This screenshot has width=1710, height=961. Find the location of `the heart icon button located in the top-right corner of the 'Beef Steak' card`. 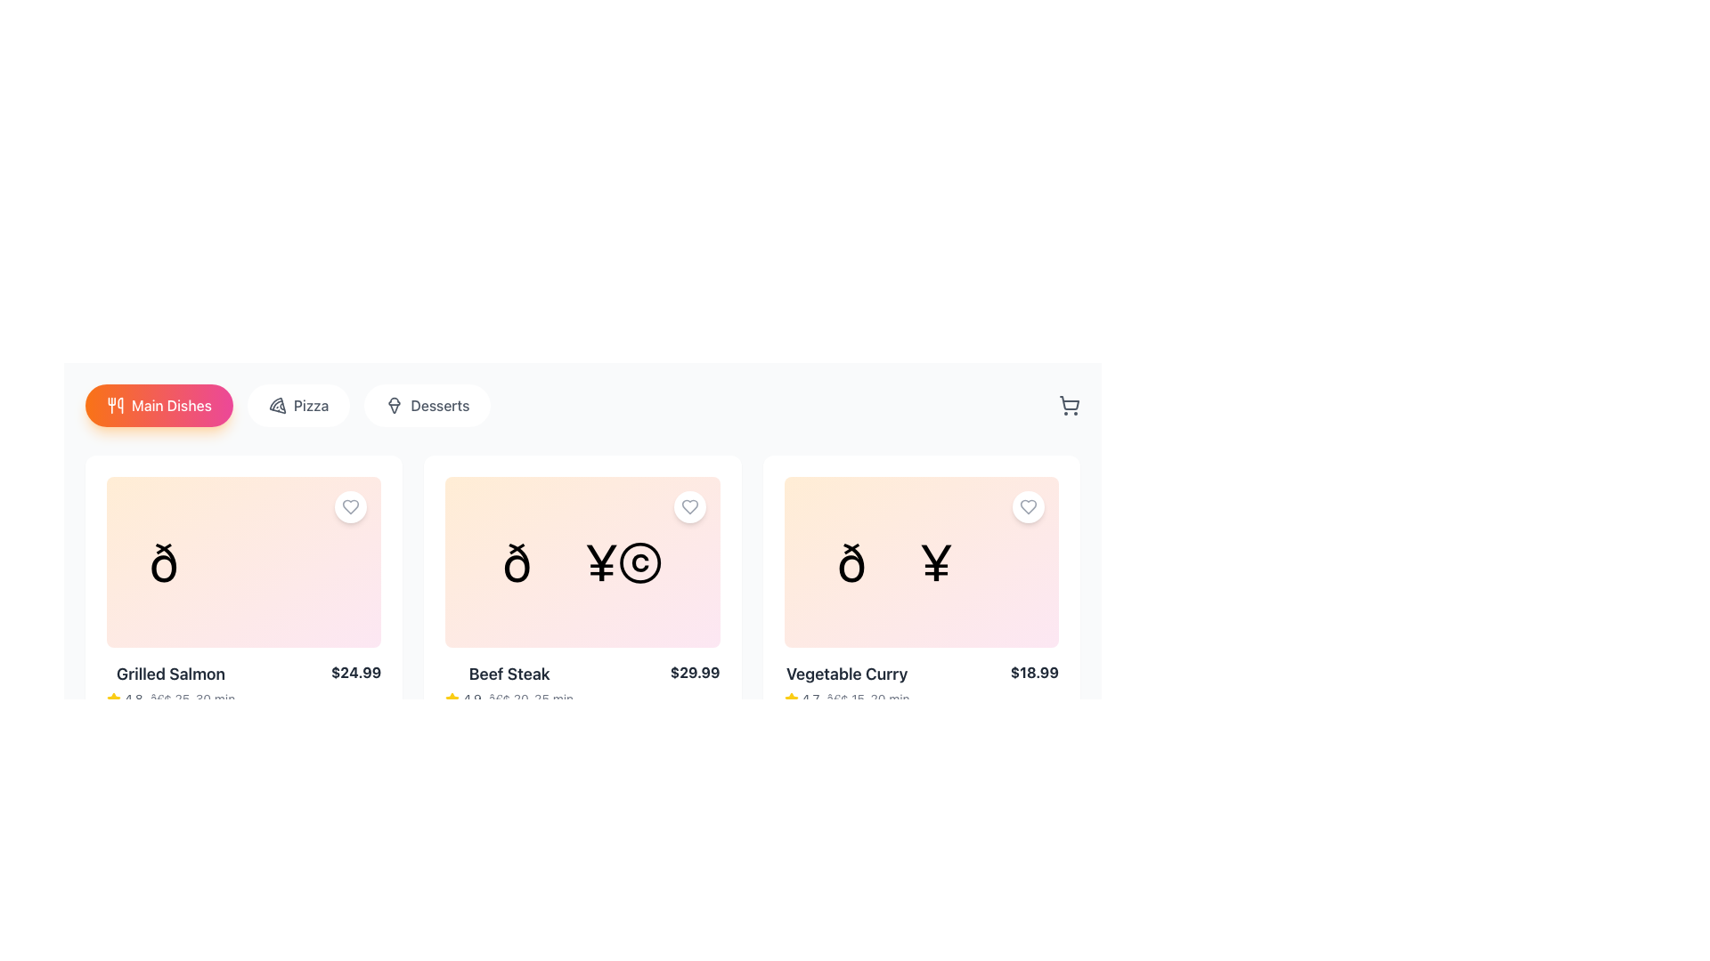

the heart icon button located in the top-right corner of the 'Beef Steak' card is located at coordinates (688, 507).